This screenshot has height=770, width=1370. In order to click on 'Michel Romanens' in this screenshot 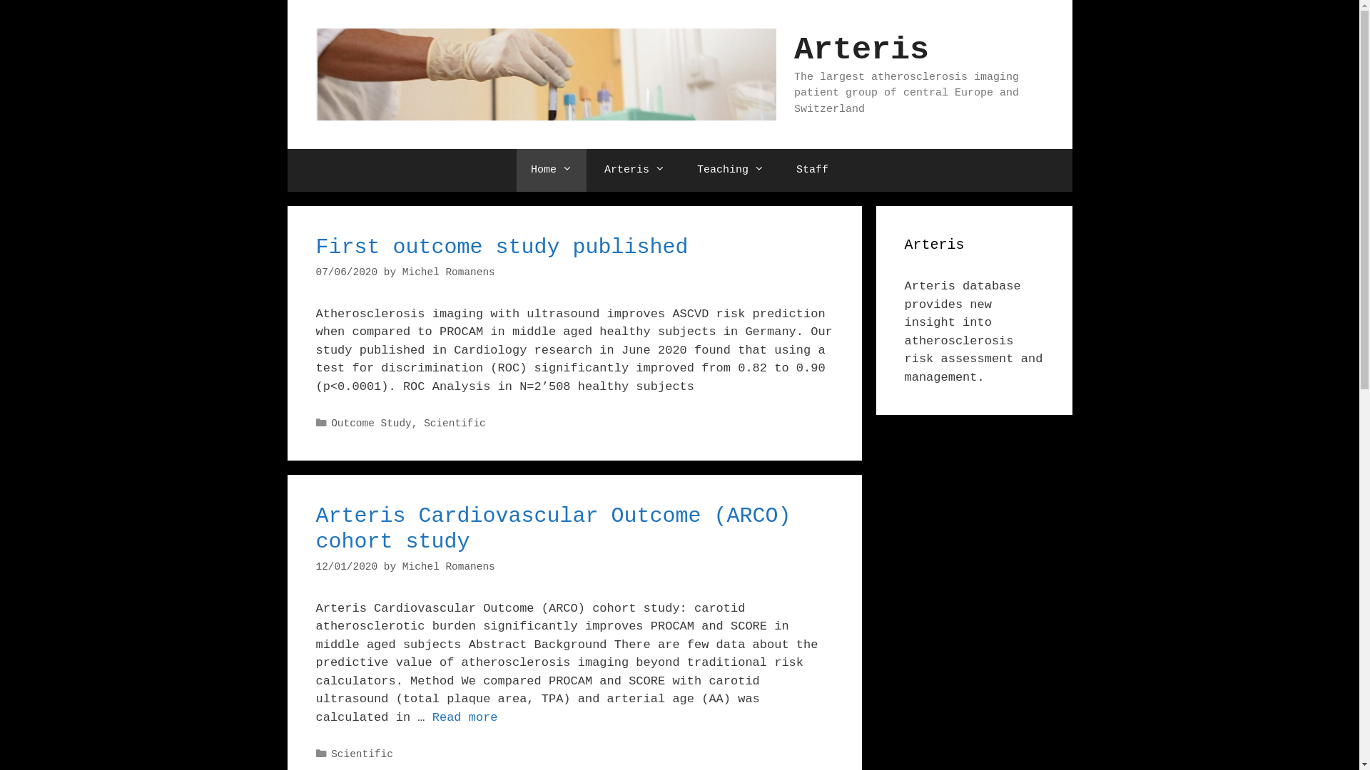, I will do `click(447, 272)`.